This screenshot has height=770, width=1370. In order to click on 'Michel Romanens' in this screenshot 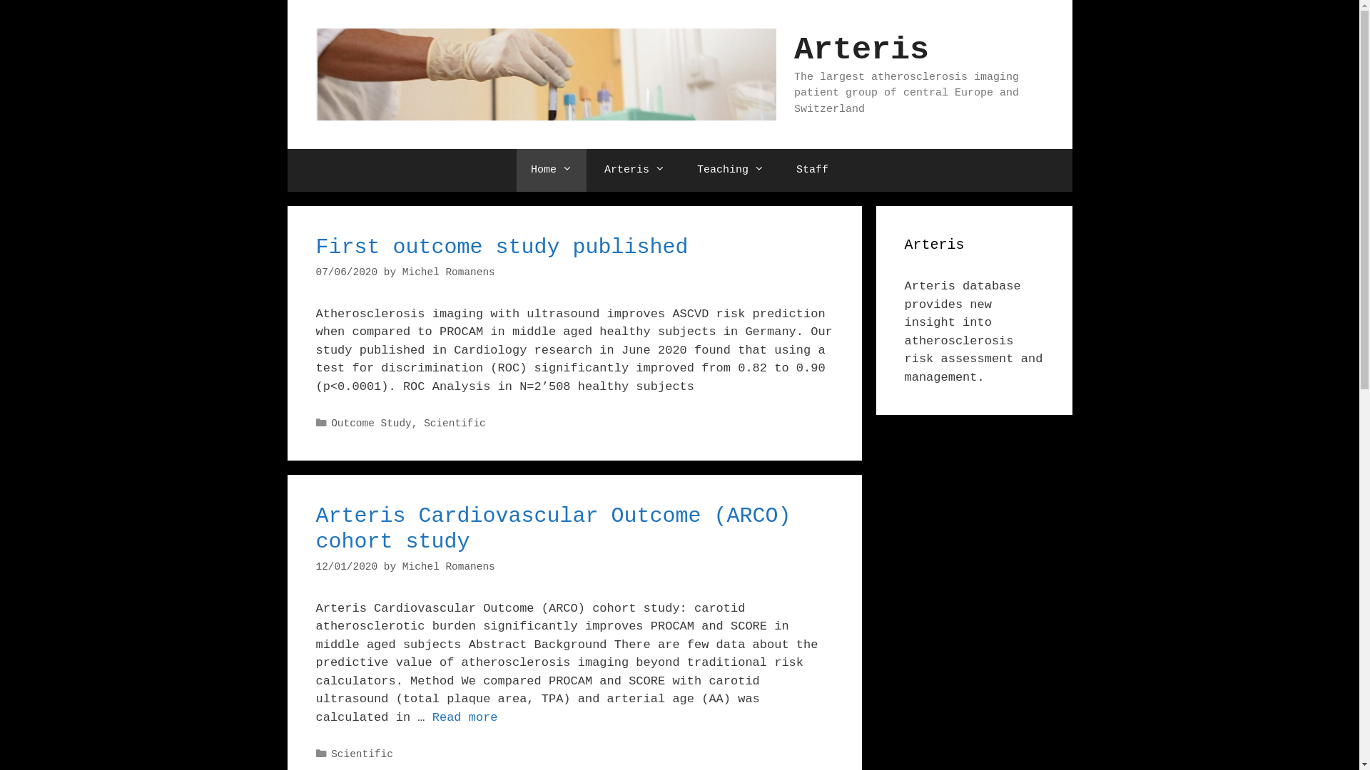, I will do `click(447, 272)`.